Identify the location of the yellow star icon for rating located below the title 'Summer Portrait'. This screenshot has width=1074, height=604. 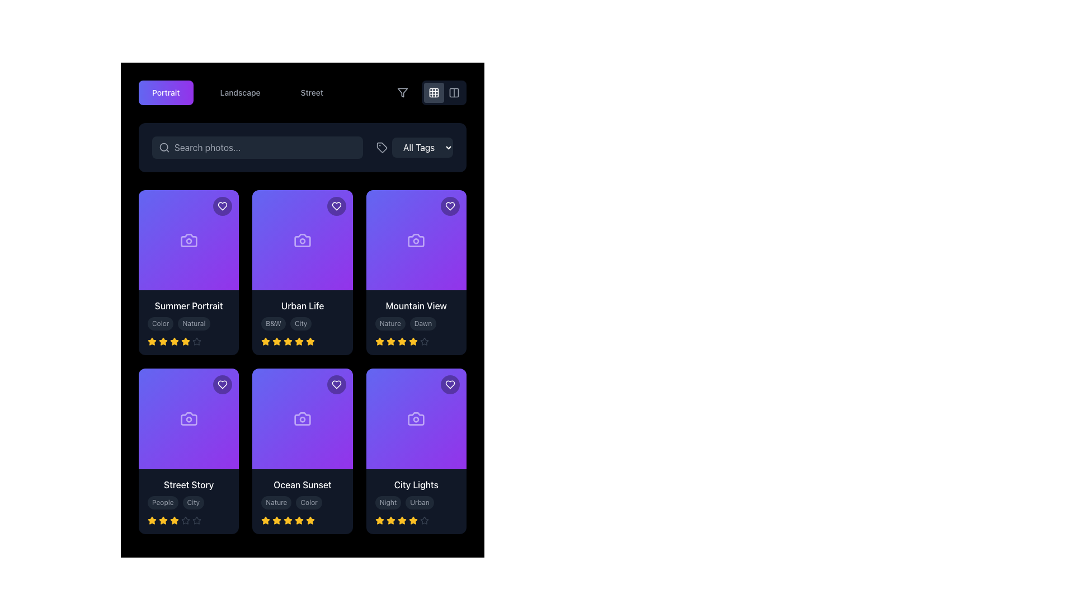
(152, 341).